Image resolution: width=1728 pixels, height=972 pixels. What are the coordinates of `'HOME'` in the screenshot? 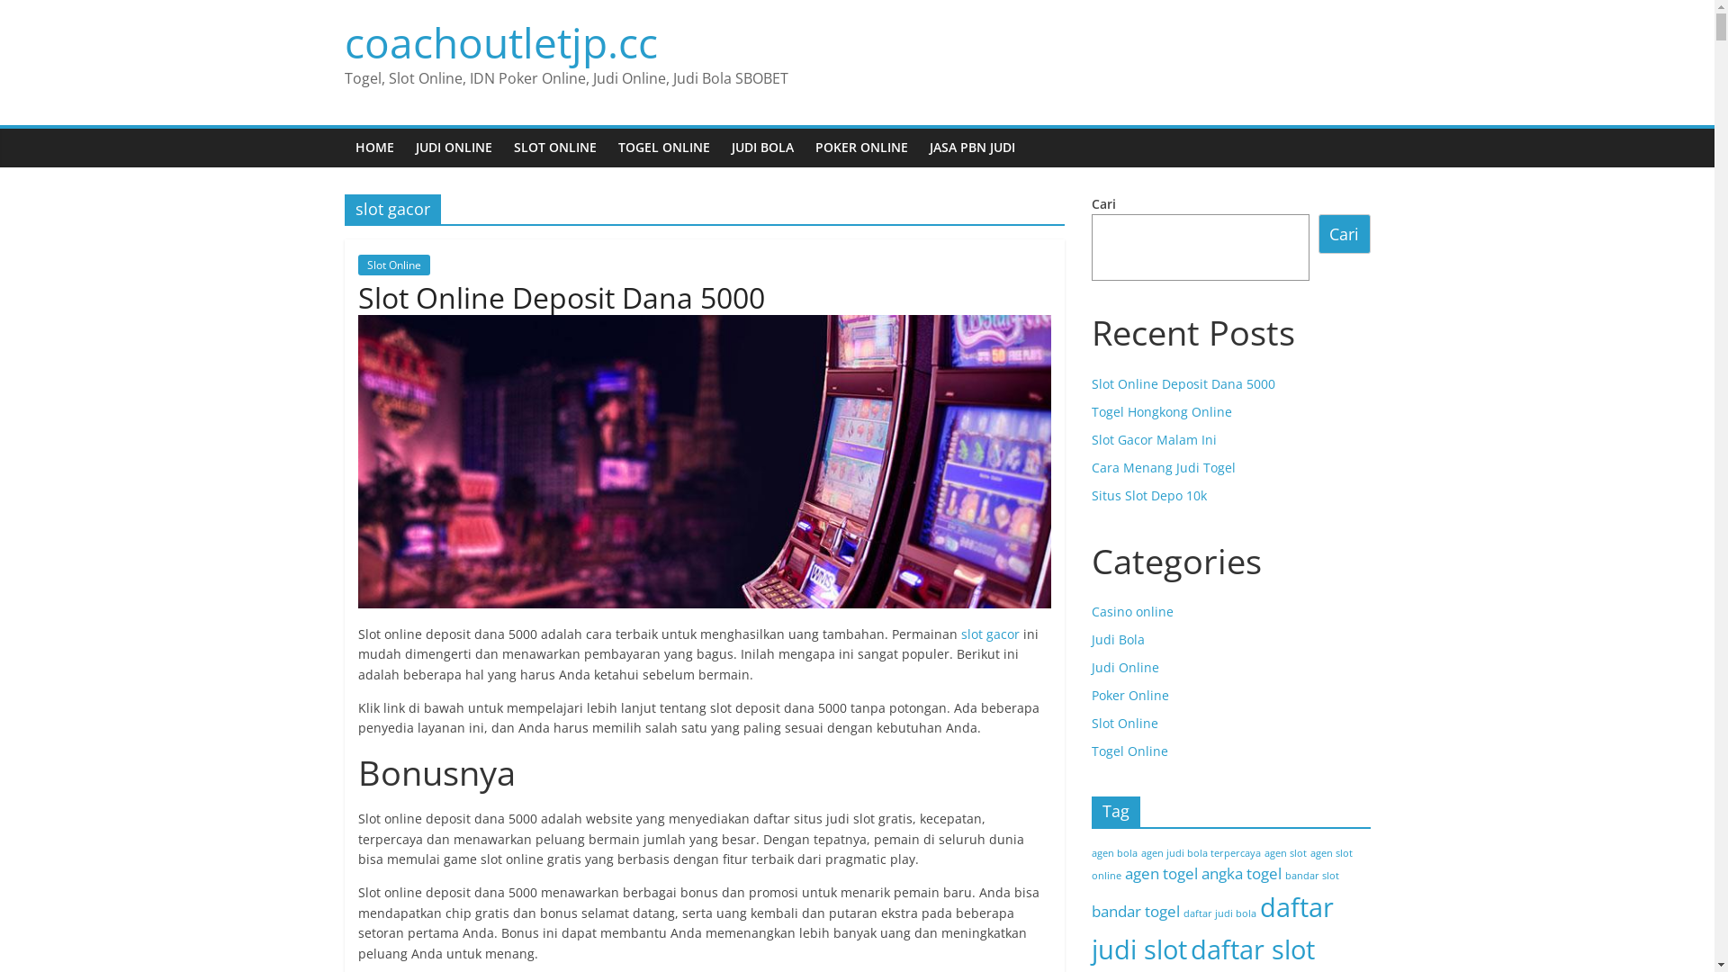 It's located at (373, 147).